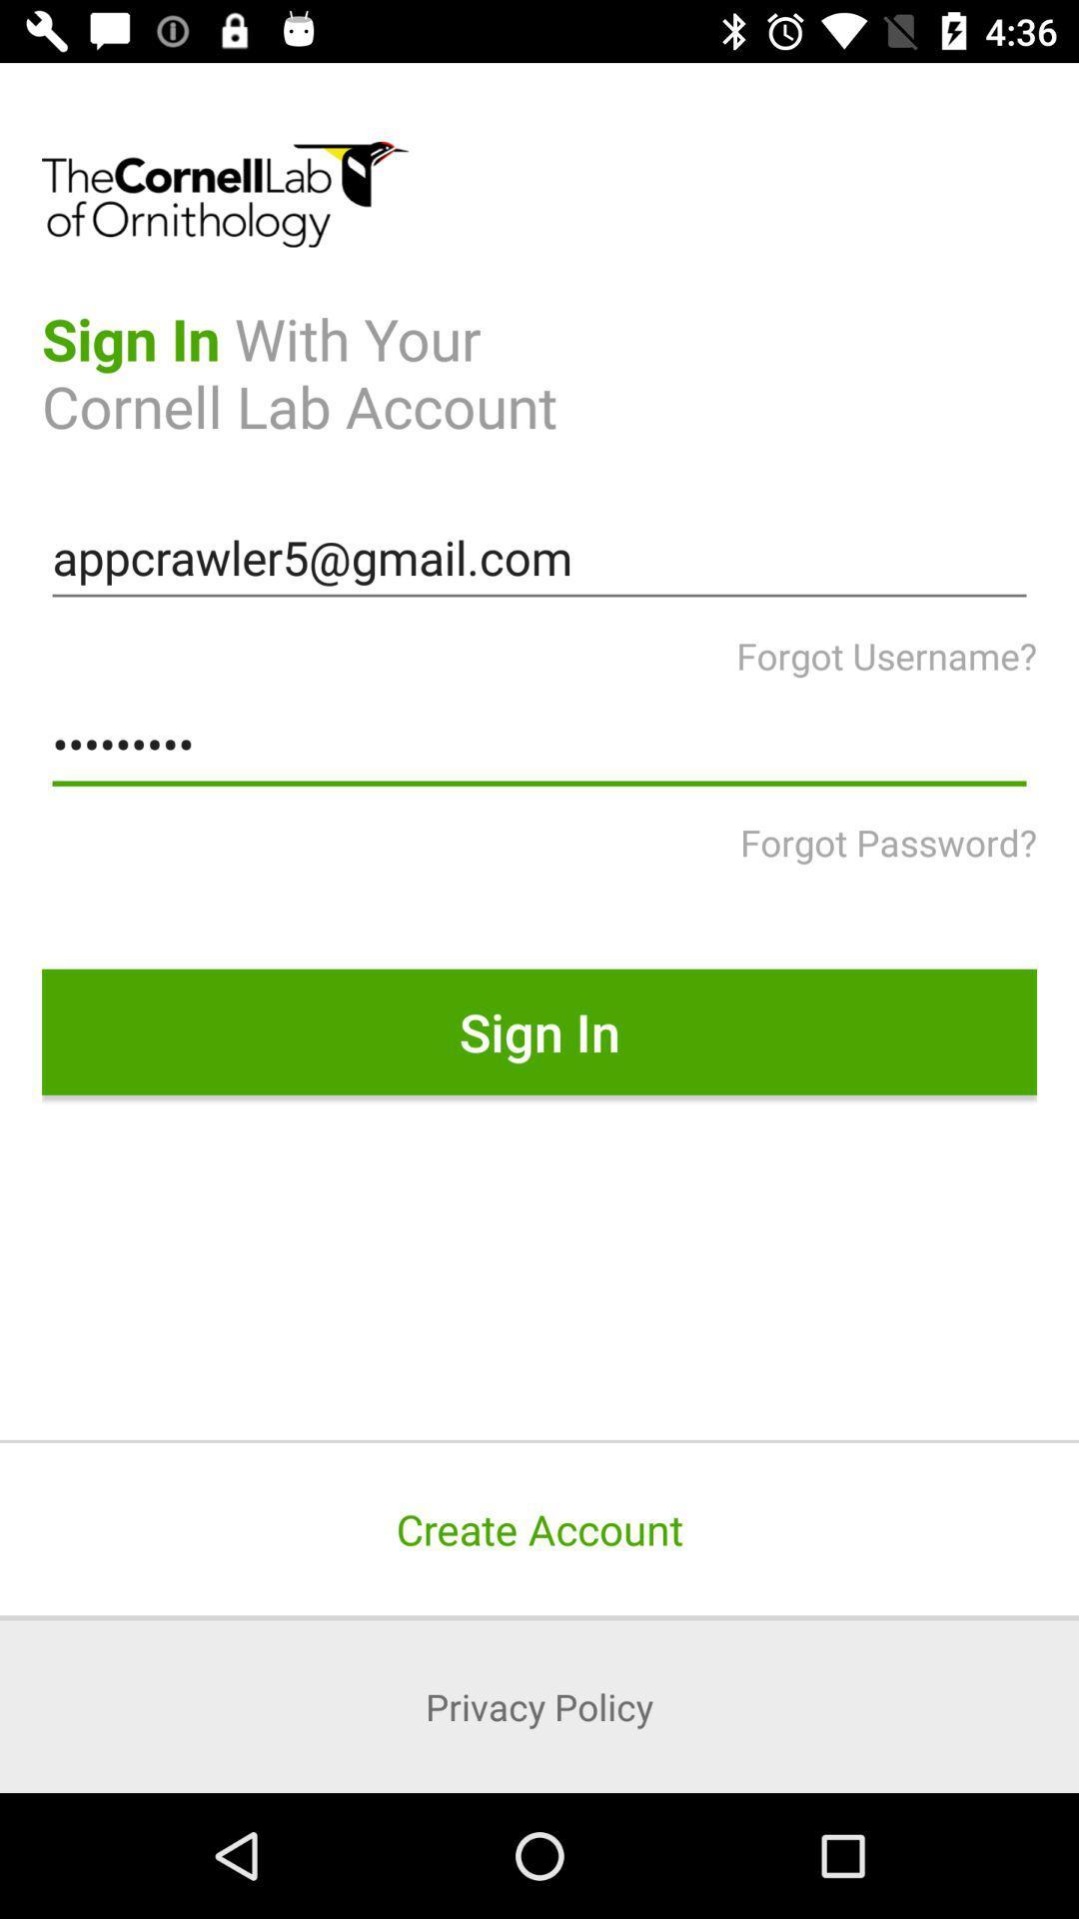 The height and width of the screenshot is (1919, 1079). Describe the element at coordinates (539, 558) in the screenshot. I see `the icon below the sign in with` at that location.